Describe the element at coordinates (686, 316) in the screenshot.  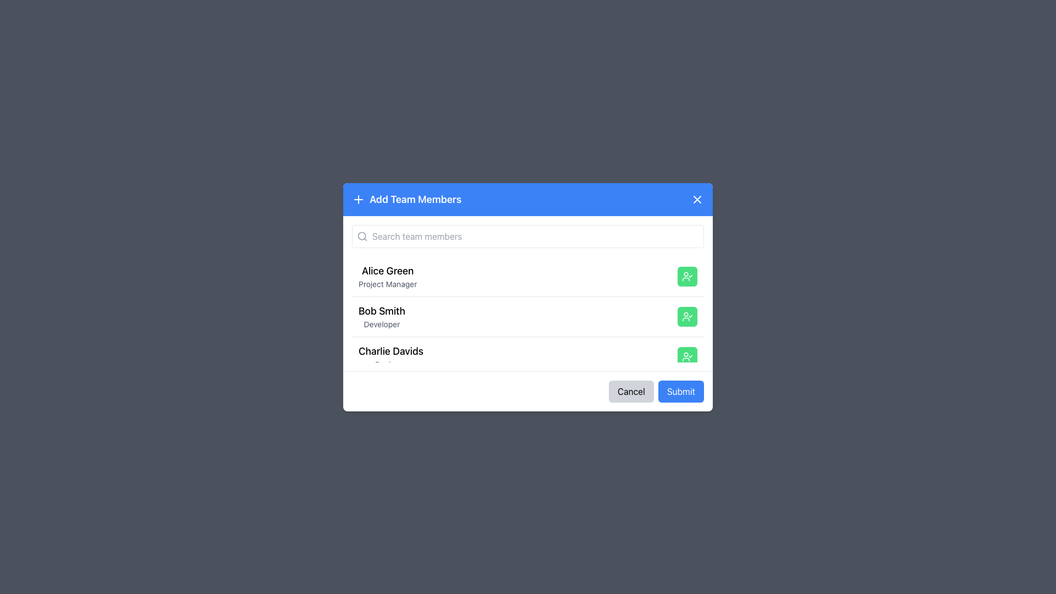
I see `the confirmation button for user 'Bob Smith, Developer' to trigger the hover state` at that location.